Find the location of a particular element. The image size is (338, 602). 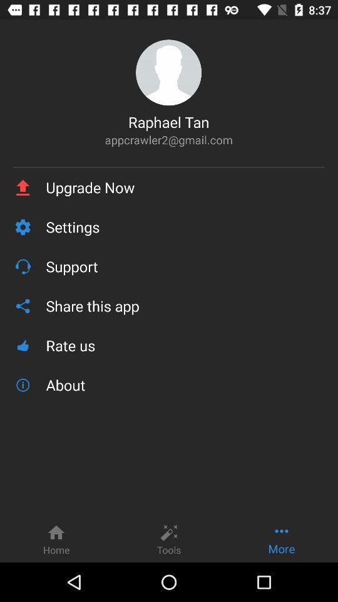

the rate us icon is located at coordinates (185, 346).